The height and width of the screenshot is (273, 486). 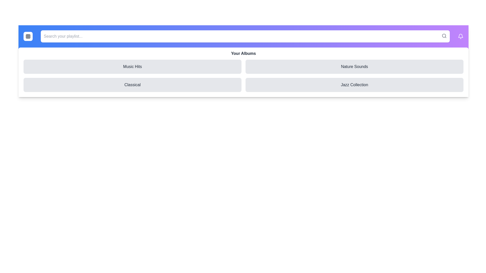 What do you see at coordinates (354, 66) in the screenshot?
I see `the album item Nature Sounds from the menu` at bounding box center [354, 66].